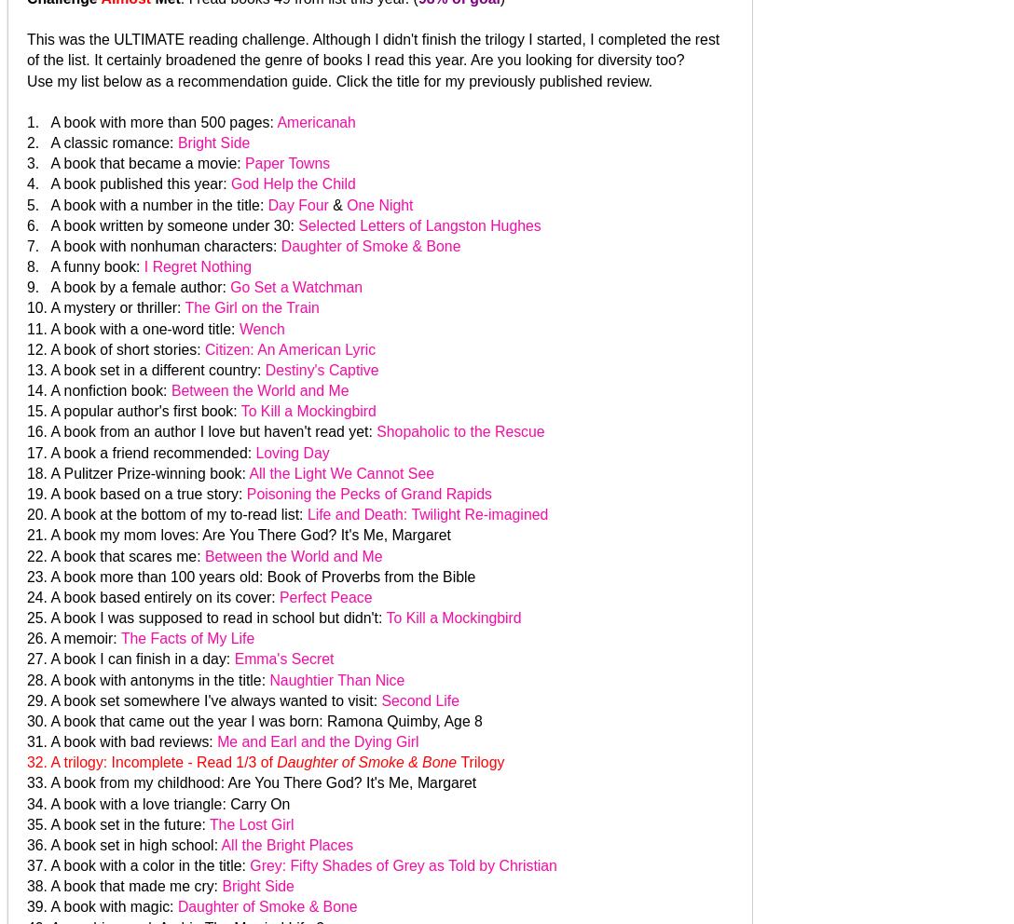  I want to click on '4.   A book published this year:', so click(128, 183).